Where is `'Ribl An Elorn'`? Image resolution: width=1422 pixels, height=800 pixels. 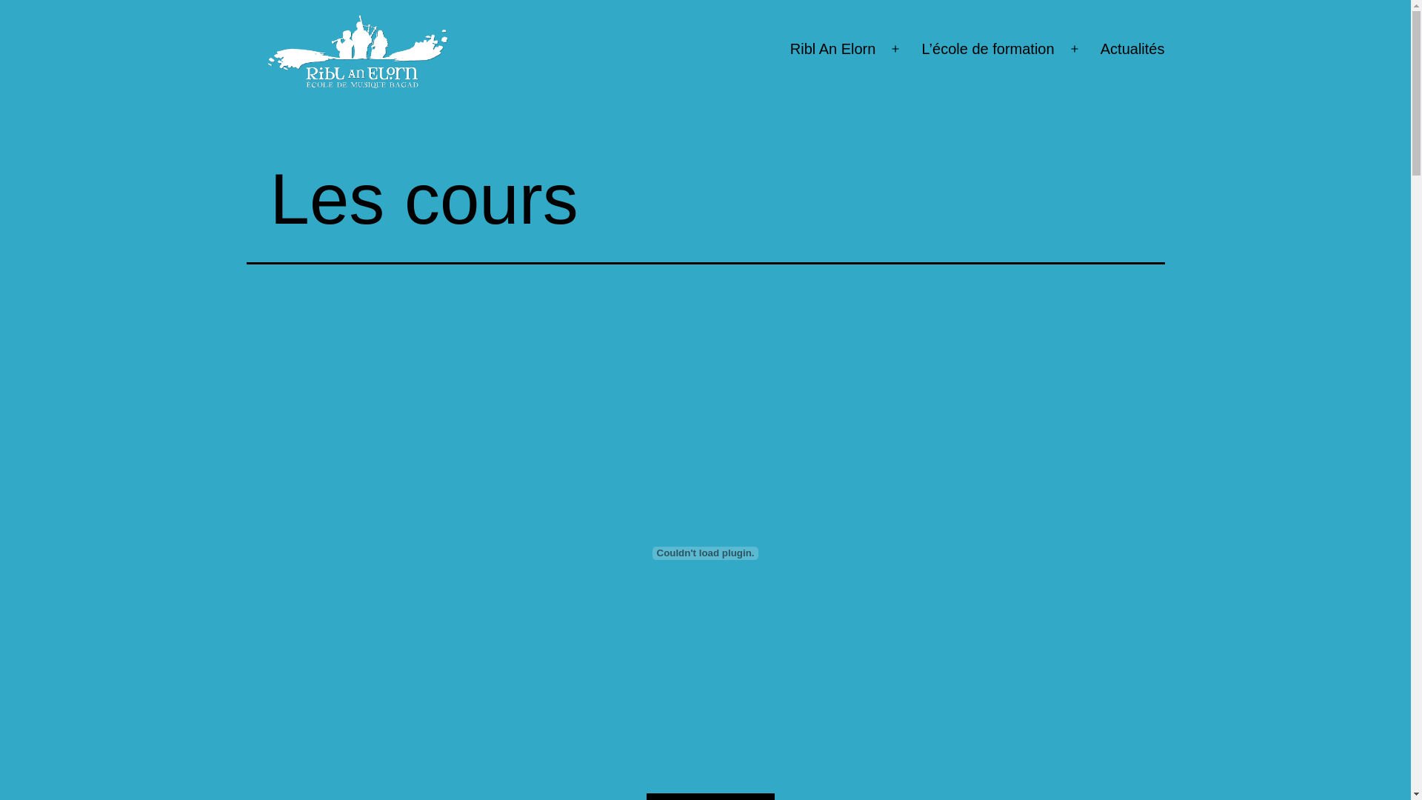 'Ribl An Elorn' is located at coordinates (832, 48).